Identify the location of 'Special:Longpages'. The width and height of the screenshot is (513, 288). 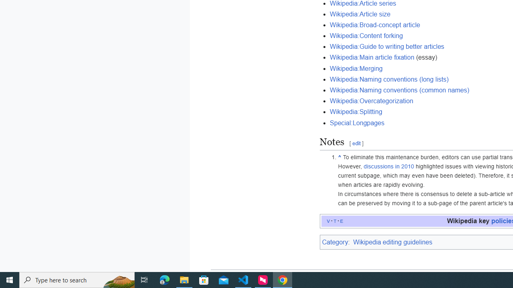
(357, 123).